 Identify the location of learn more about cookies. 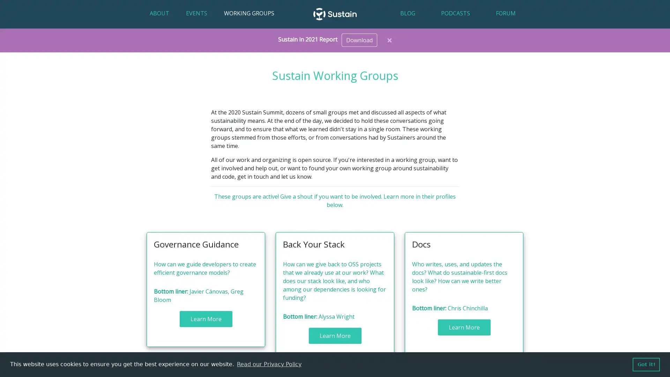
(269, 364).